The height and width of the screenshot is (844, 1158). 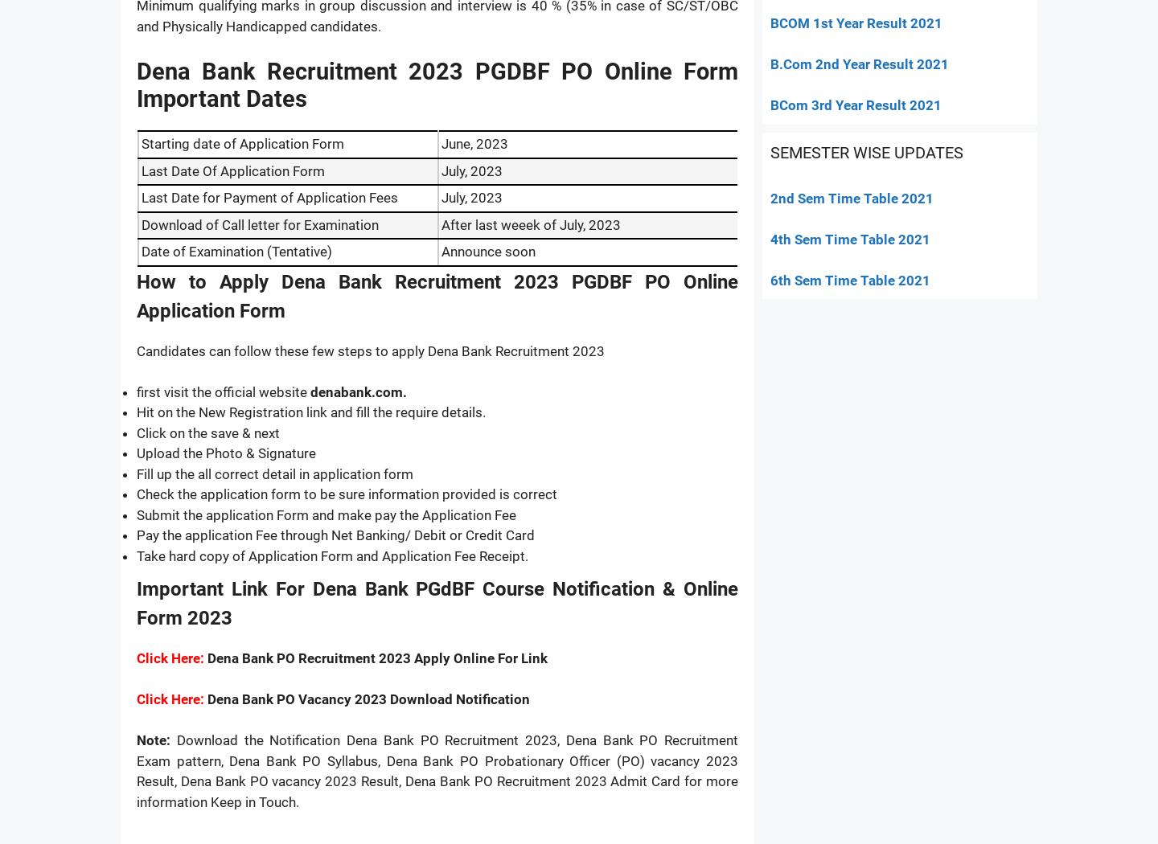 What do you see at coordinates (474, 144) in the screenshot?
I see `'June, 2023'` at bounding box center [474, 144].